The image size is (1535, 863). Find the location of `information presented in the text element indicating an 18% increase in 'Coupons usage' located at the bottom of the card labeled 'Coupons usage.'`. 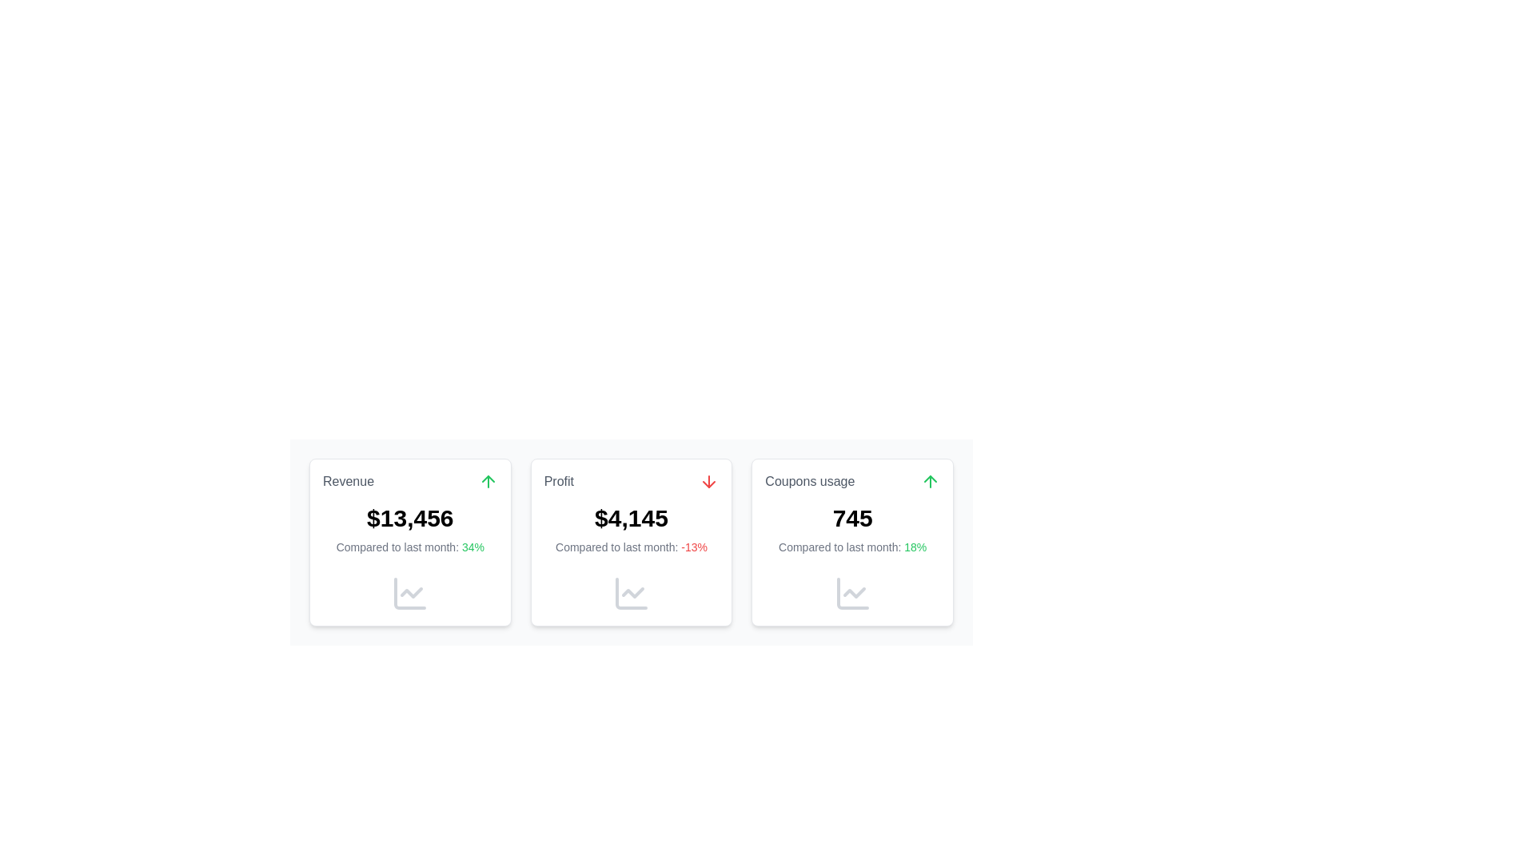

information presented in the text element indicating an 18% increase in 'Coupons usage' located at the bottom of the card labeled 'Coupons usage.' is located at coordinates (851, 547).